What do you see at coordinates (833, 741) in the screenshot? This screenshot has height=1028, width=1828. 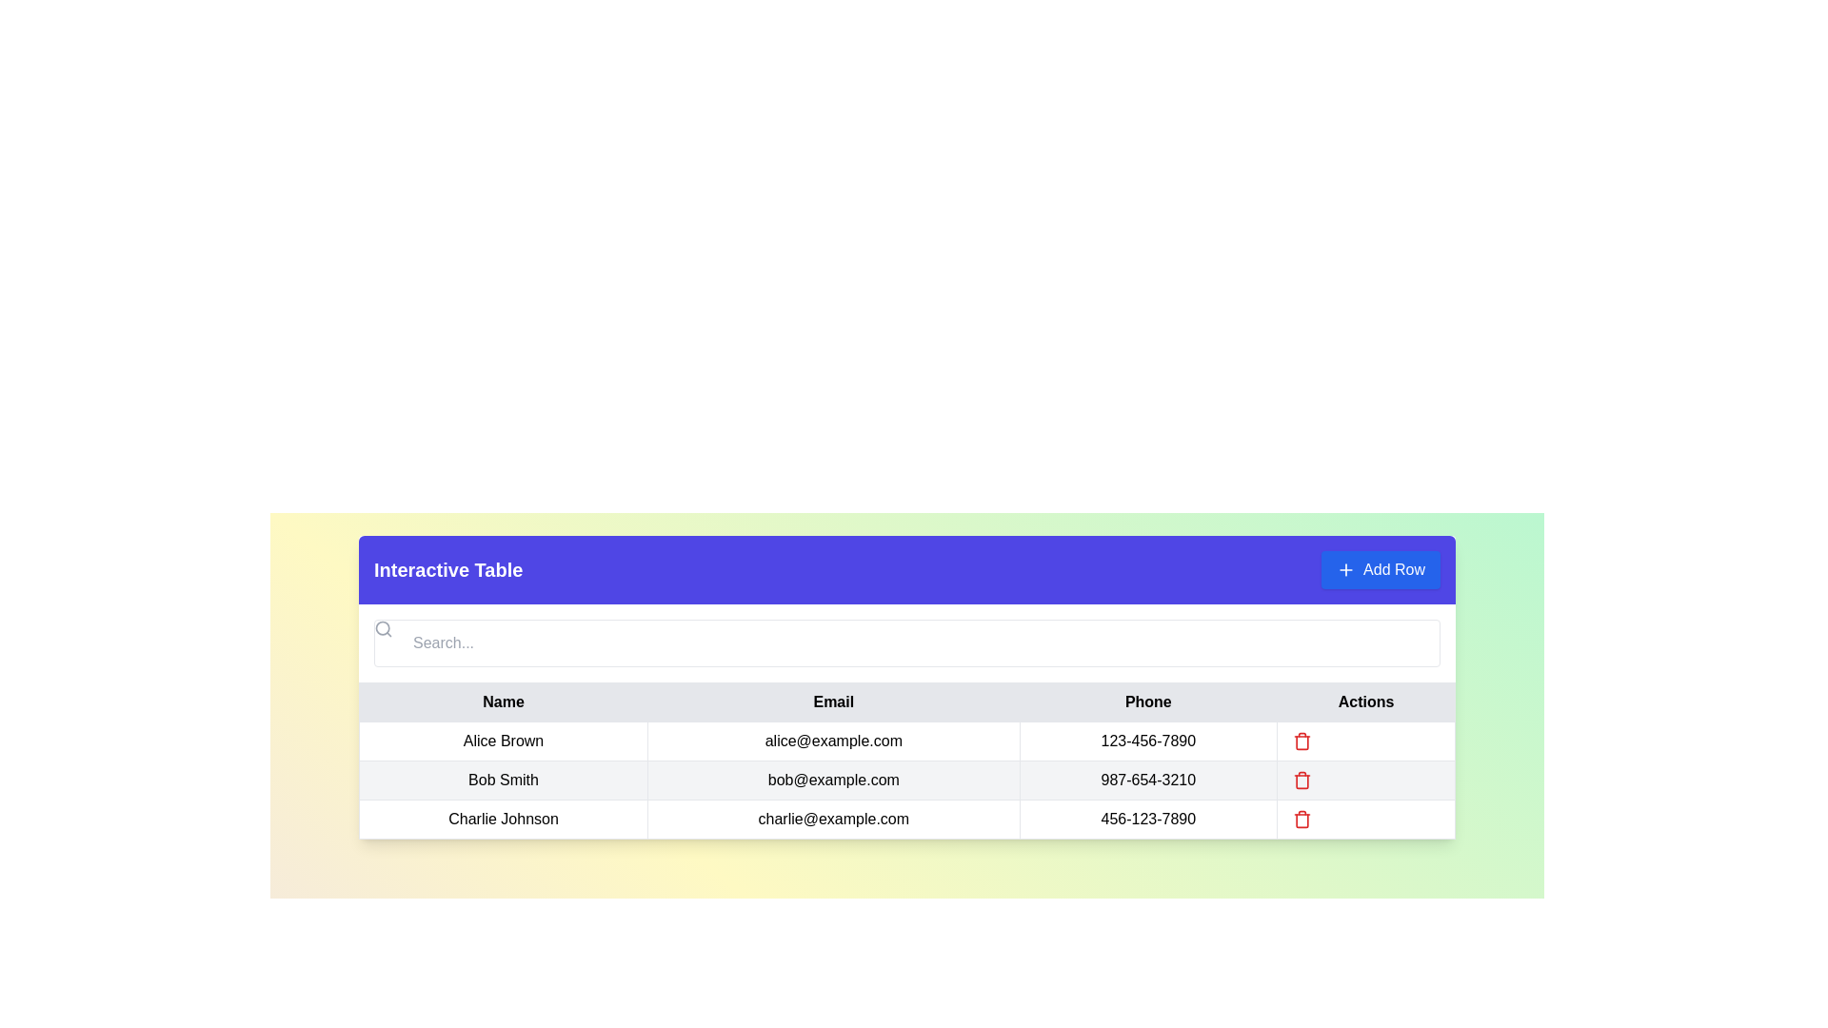 I see `text content from the text field displaying the email address 'alice@example.com', located in the 'Email' column of the table row for 'Alice Brown'` at bounding box center [833, 741].